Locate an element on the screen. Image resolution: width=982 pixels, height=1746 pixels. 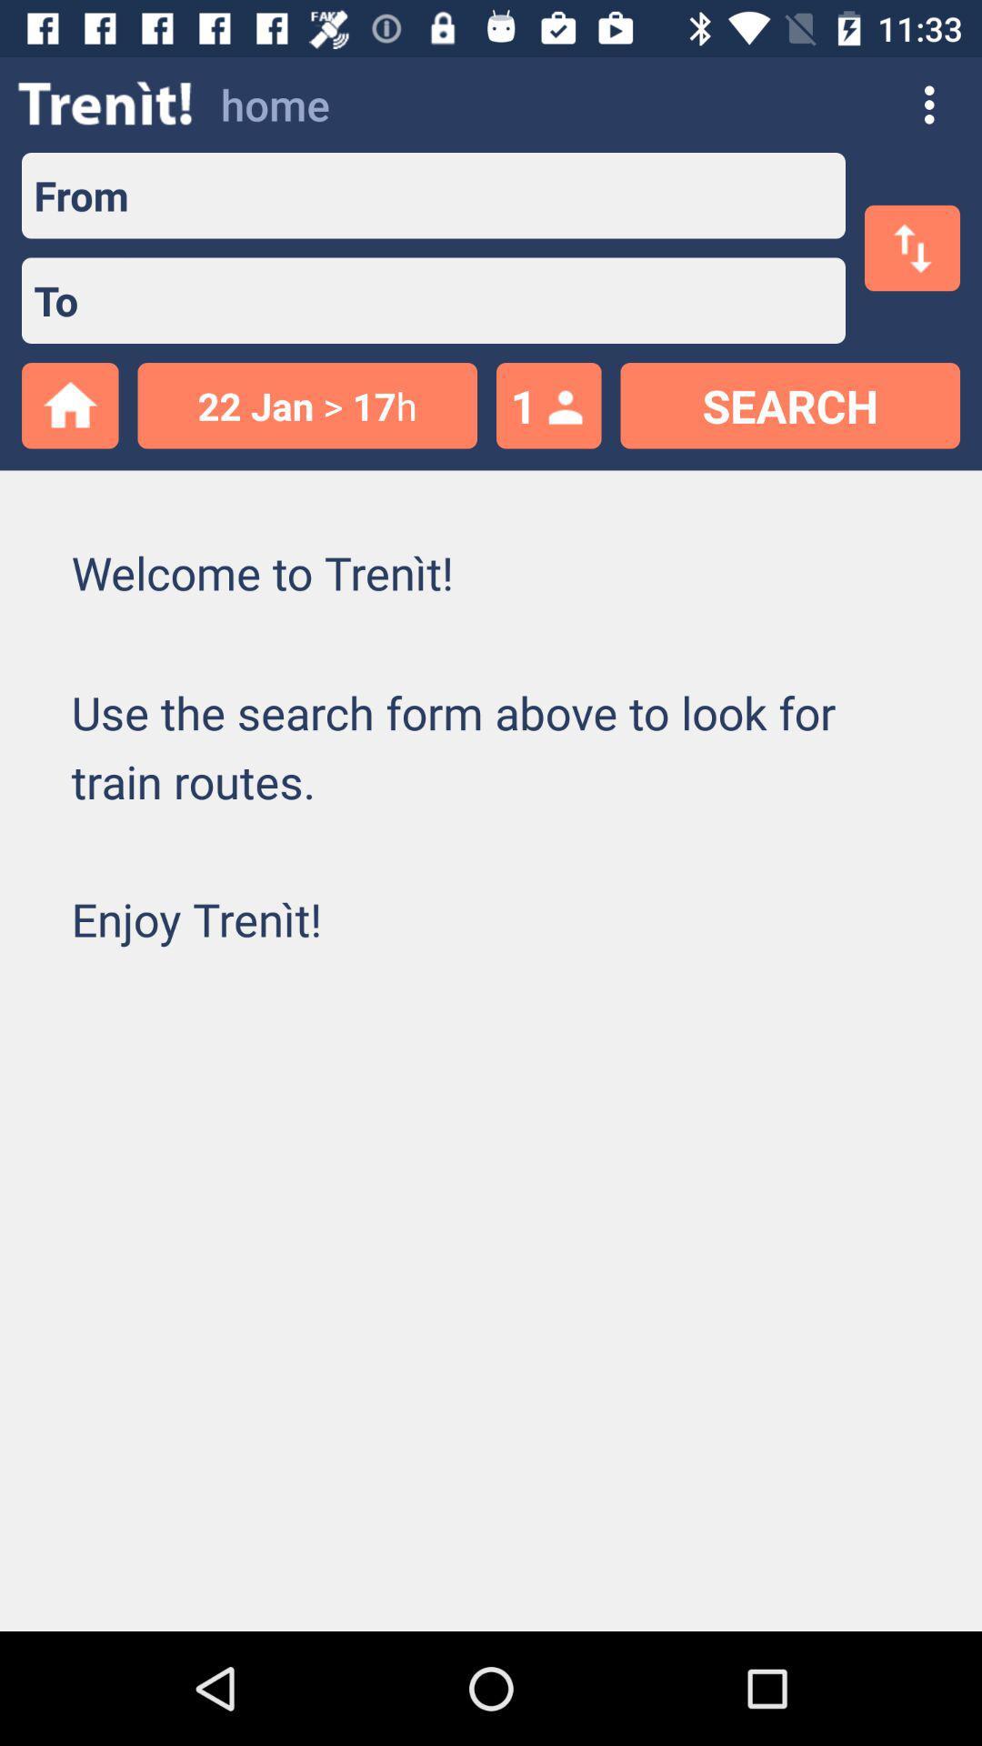
space to enter mail address is located at coordinates (486, 300).